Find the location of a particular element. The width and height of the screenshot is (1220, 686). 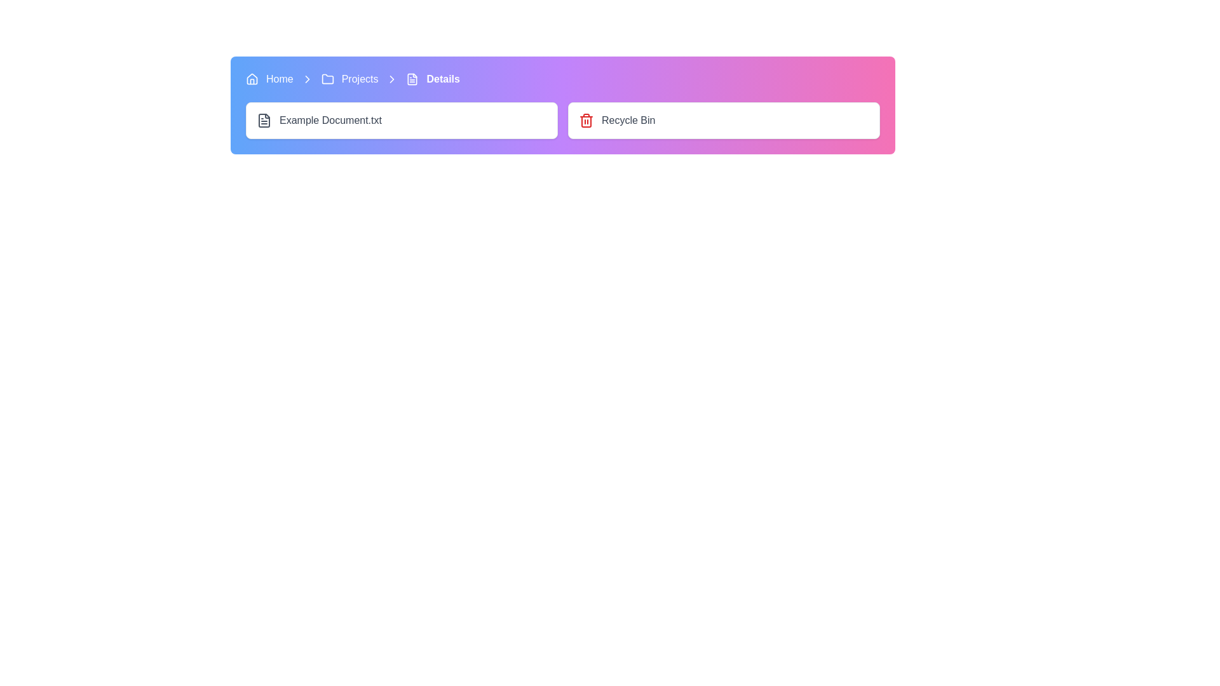

the 'Home' icon in the navigation bar, which is the first component in the breadcrumb navigation, visually indicating the starting point of the hierarchy is located at coordinates (252, 79).